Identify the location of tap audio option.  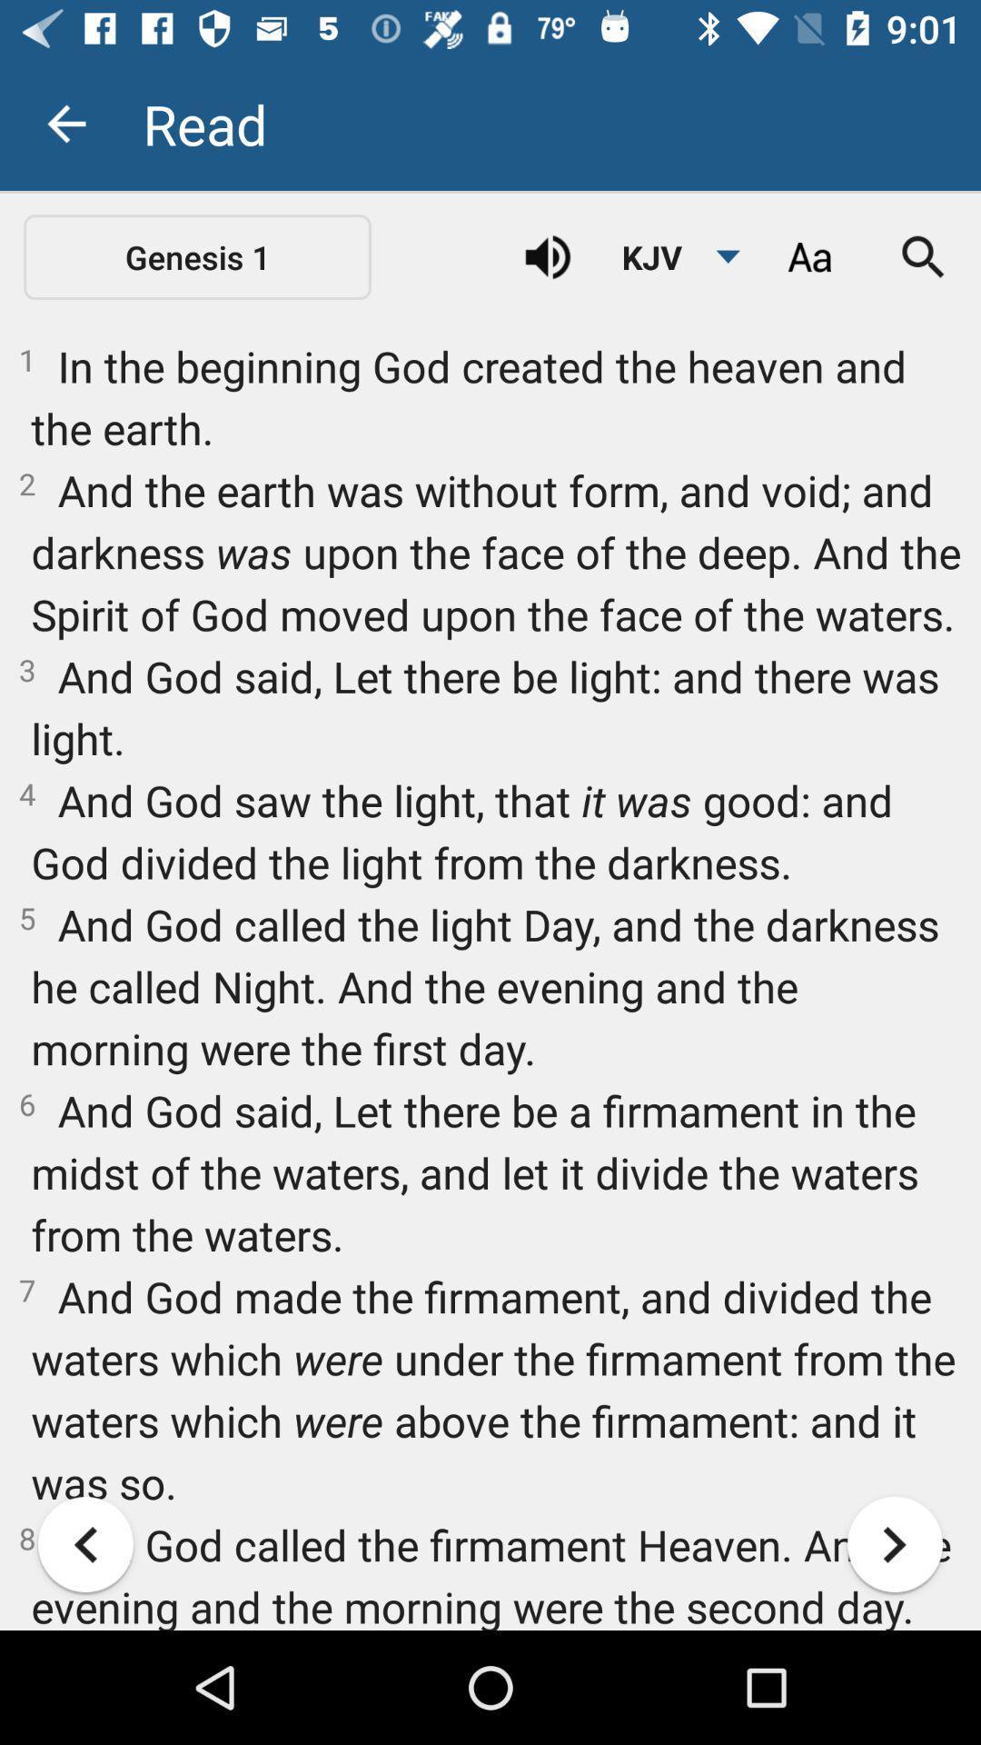
(547, 256).